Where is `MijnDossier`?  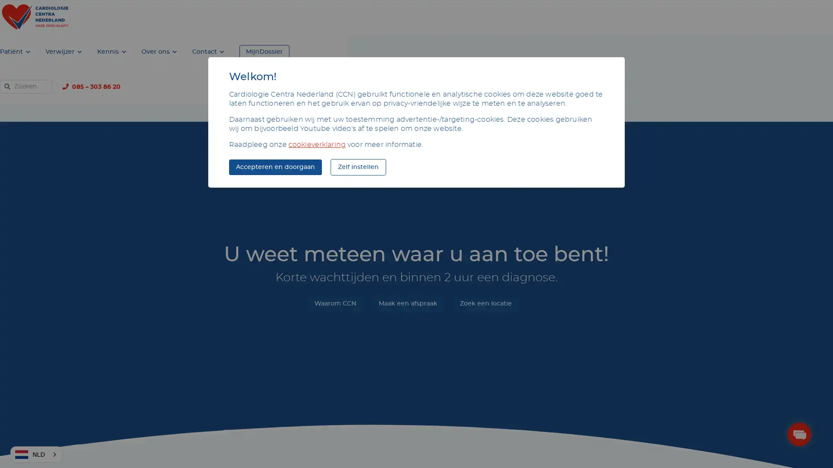
MijnDossier is located at coordinates (564, 17).